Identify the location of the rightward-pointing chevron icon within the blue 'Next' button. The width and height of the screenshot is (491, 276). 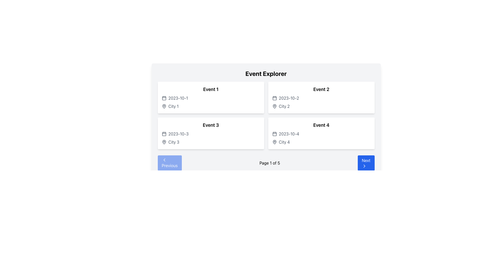
(364, 166).